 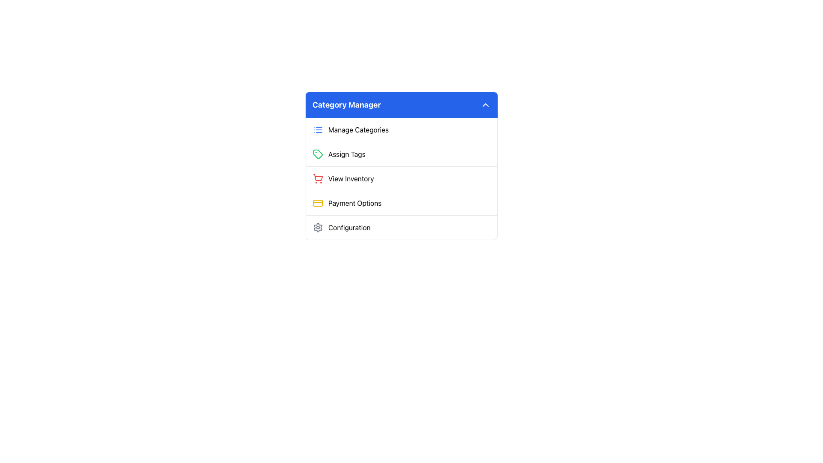 I want to click on the fifth selectable menu item in the 'Category Manager' list, so click(x=401, y=227).